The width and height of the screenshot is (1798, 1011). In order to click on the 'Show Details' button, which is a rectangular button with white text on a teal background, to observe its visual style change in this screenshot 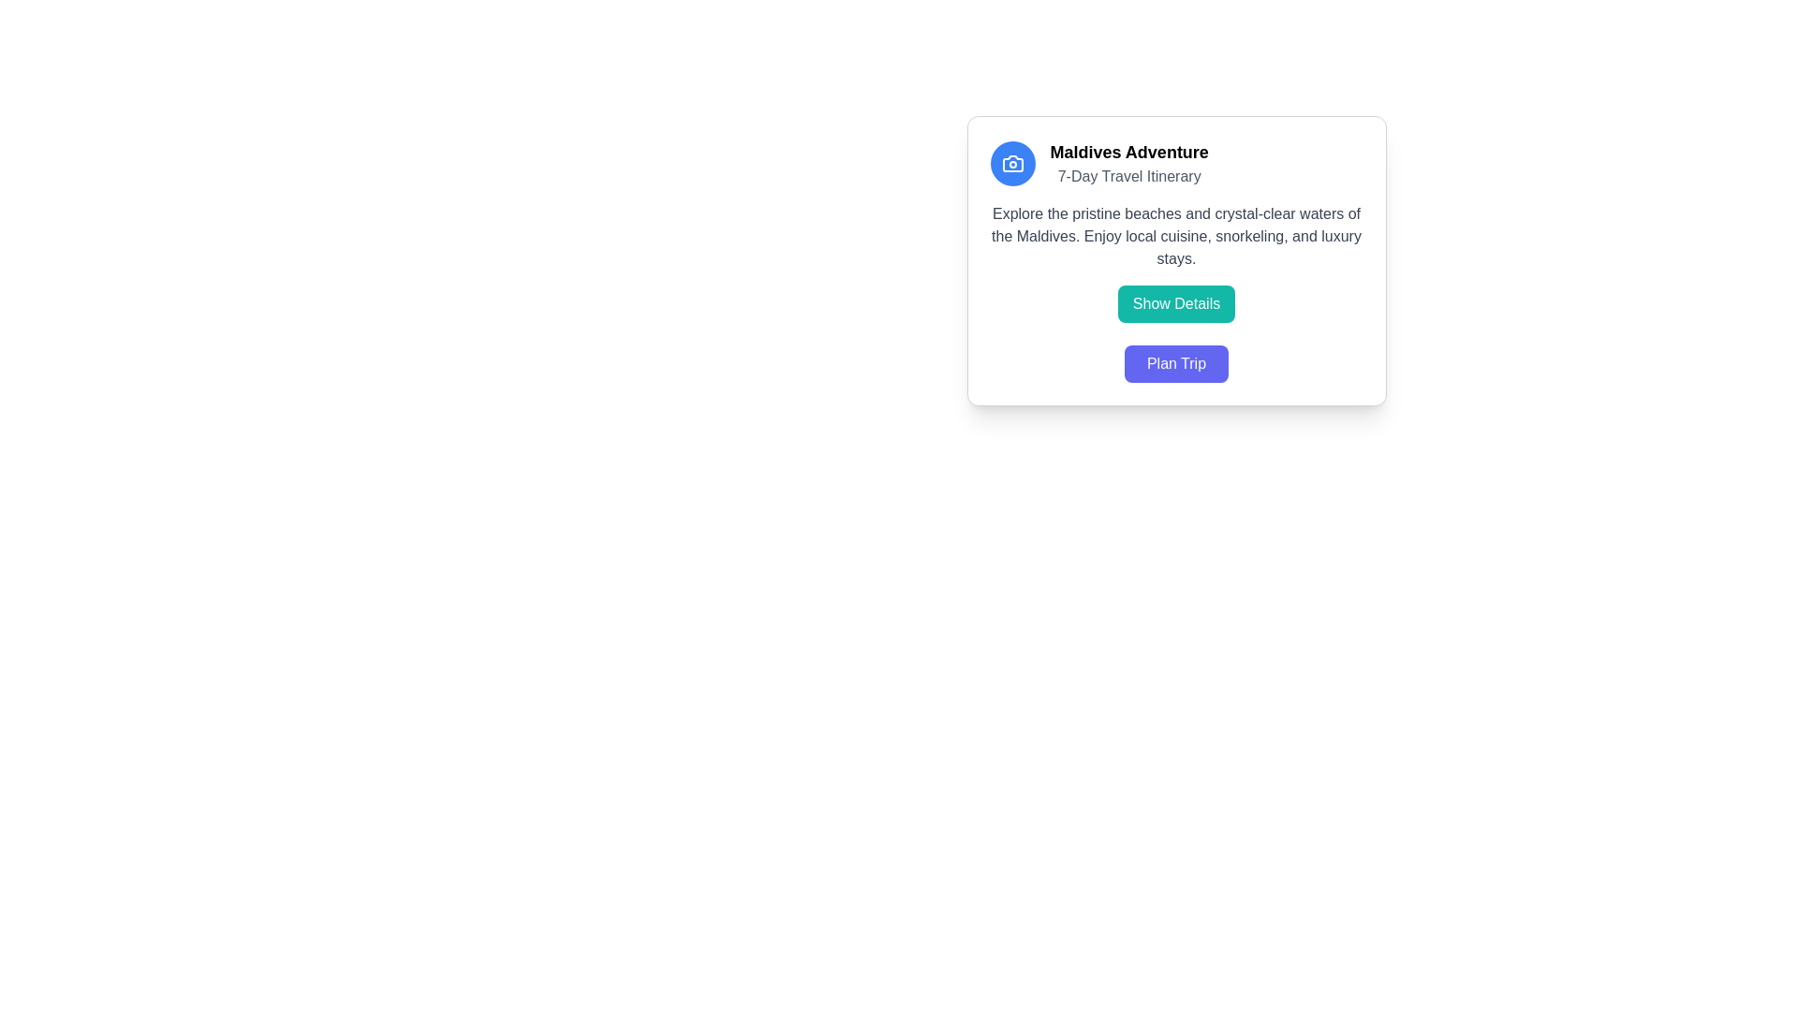, I will do `click(1175, 302)`.